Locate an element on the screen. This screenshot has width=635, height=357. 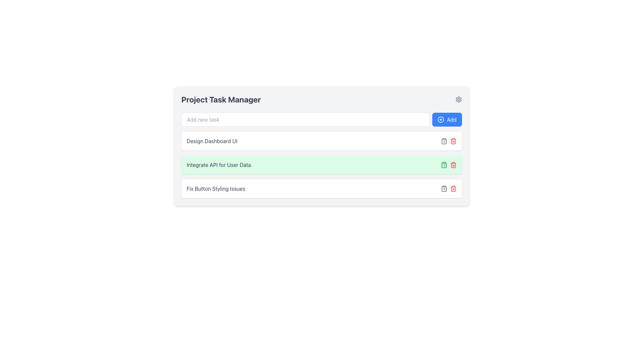
the clipboard icon button is located at coordinates (444, 164).